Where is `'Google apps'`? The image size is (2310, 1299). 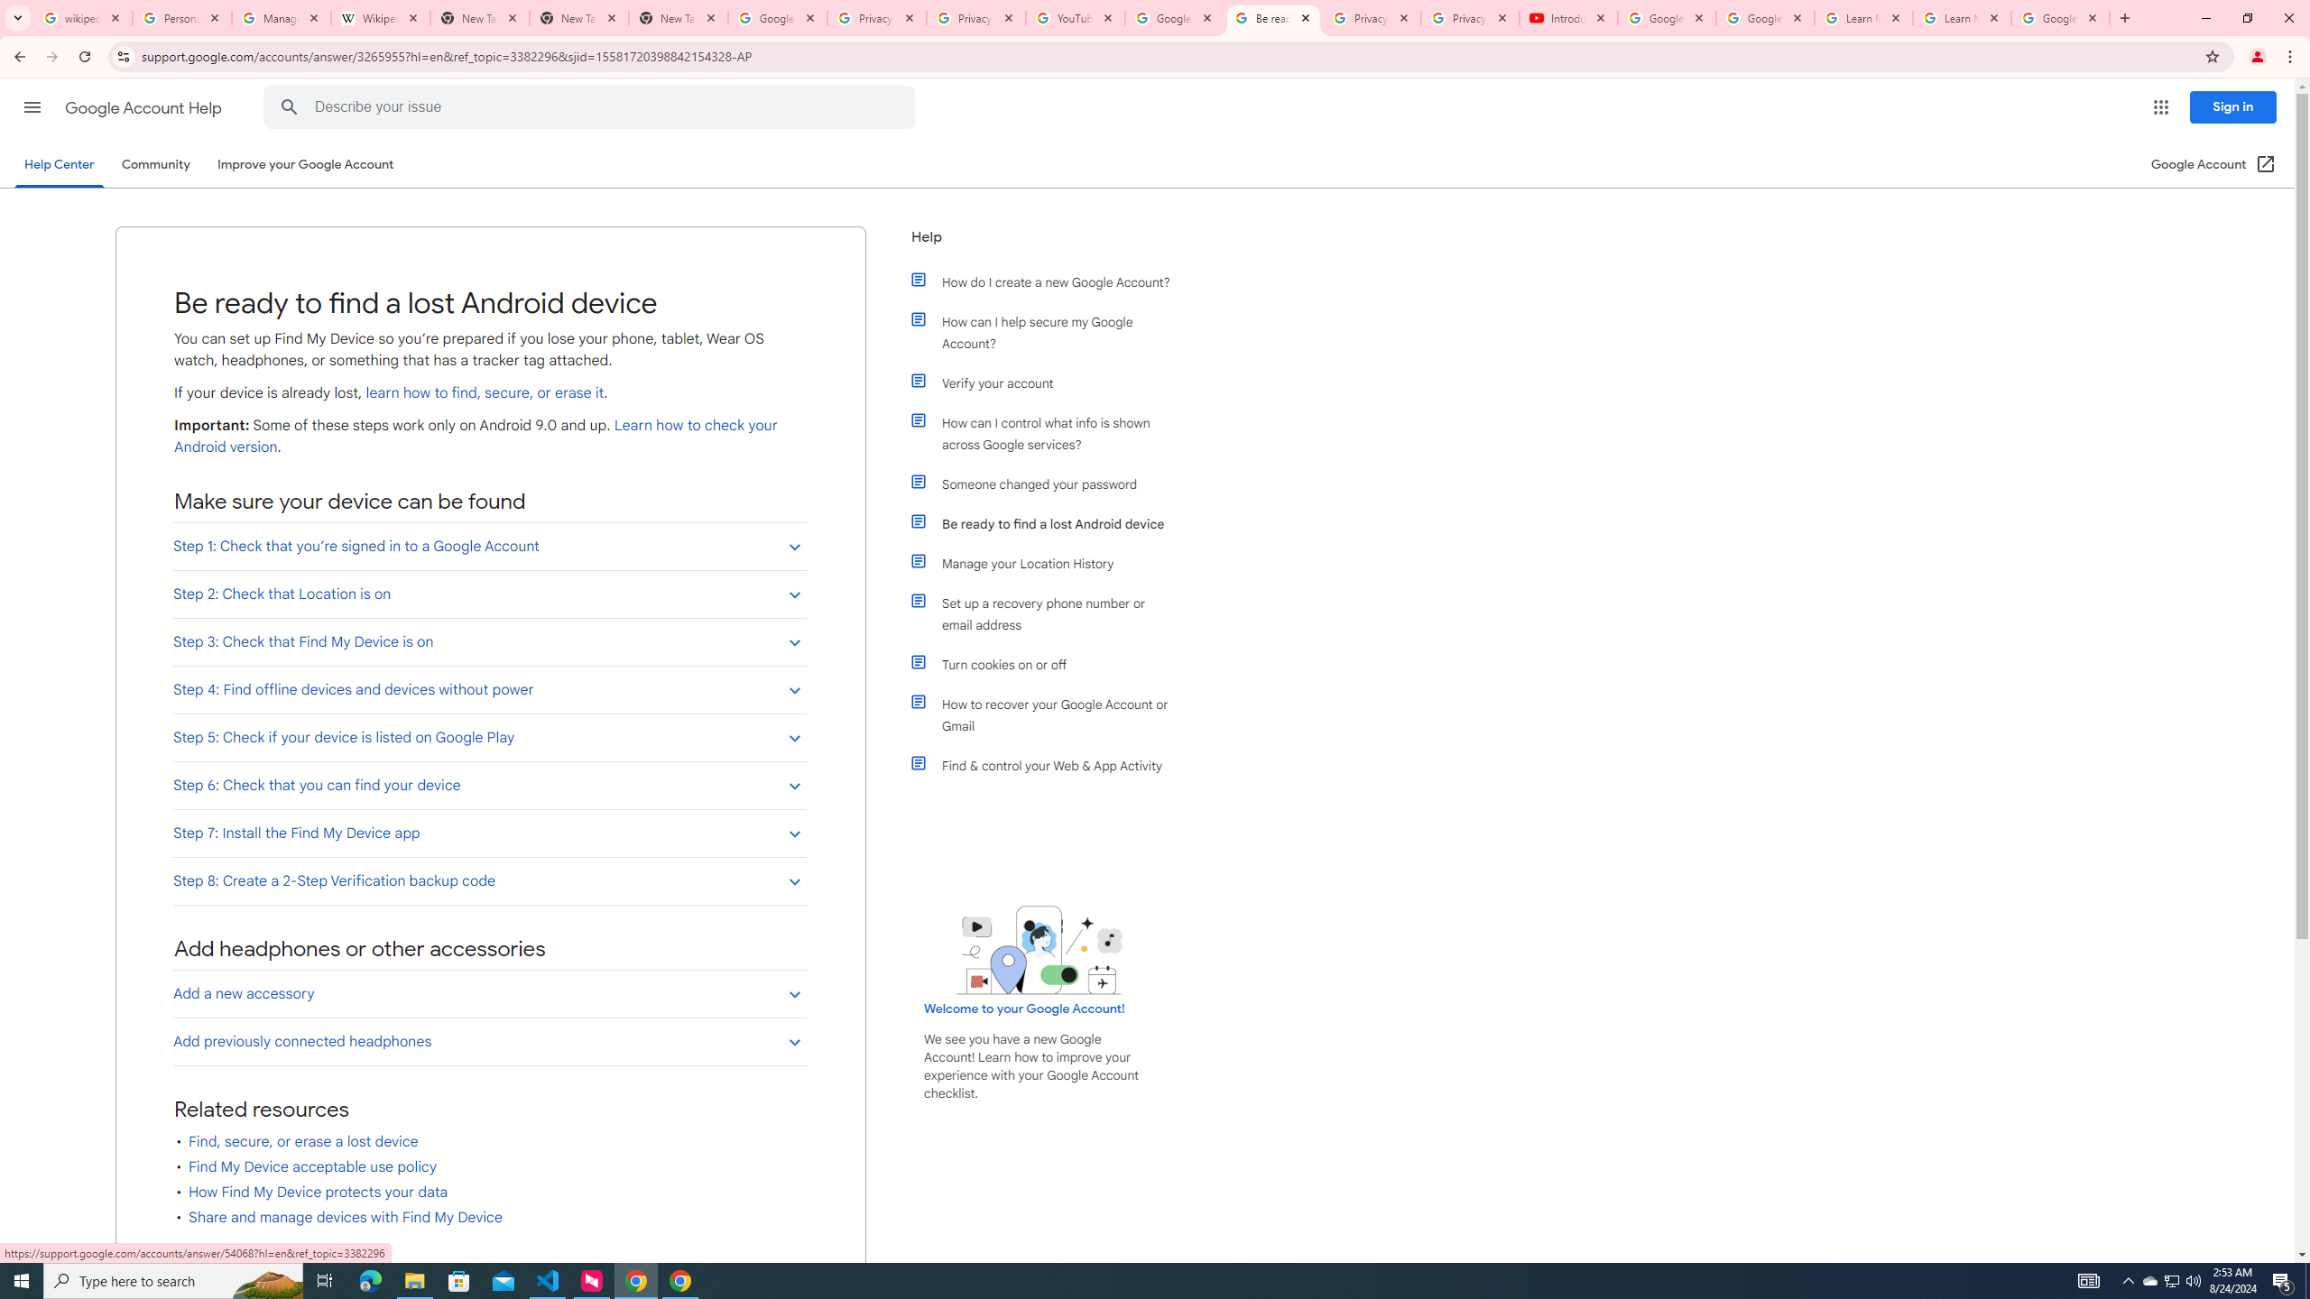
'Google apps' is located at coordinates (2159, 106).